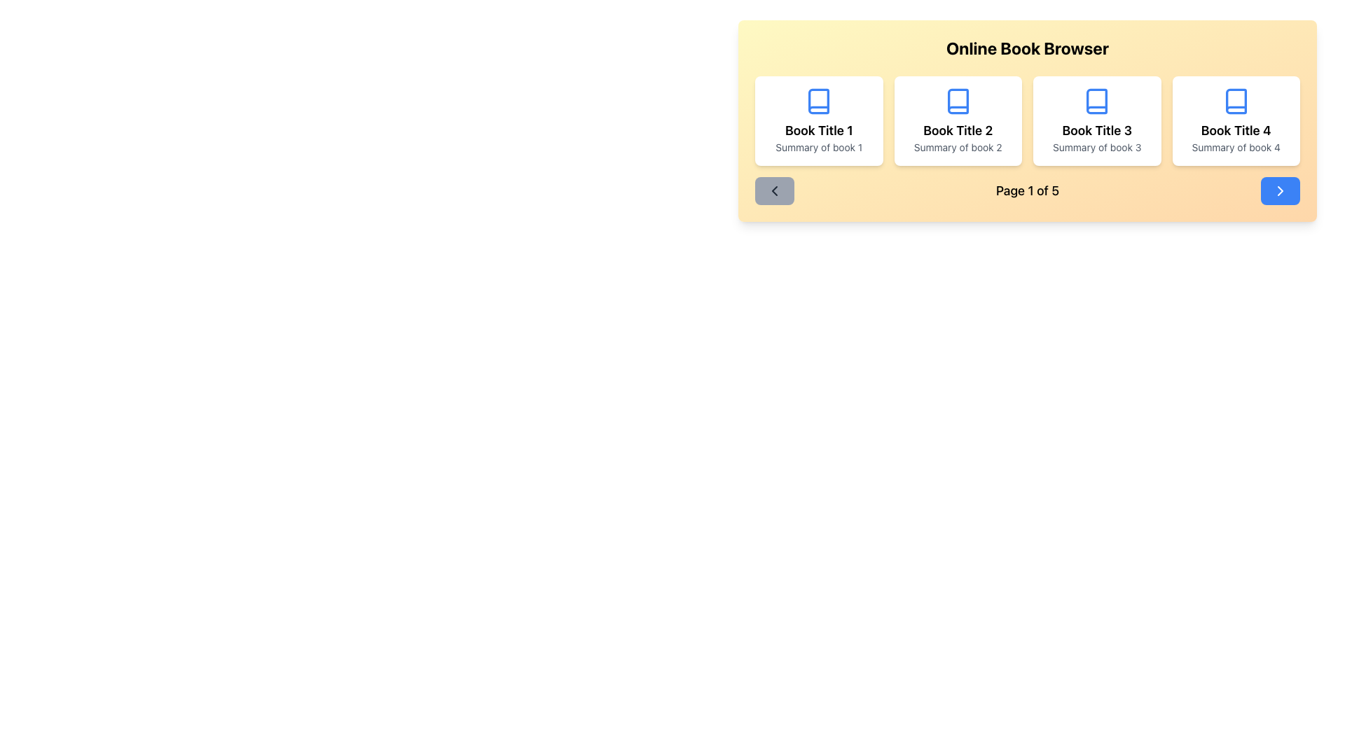 Image resolution: width=1345 pixels, height=756 pixels. Describe the element at coordinates (773, 191) in the screenshot. I see `the leftward chevron SVG icon with a black stroke, located inside a gray button at the bottom-left corner of the interface, next to the 'Book Title 1' card` at that location.